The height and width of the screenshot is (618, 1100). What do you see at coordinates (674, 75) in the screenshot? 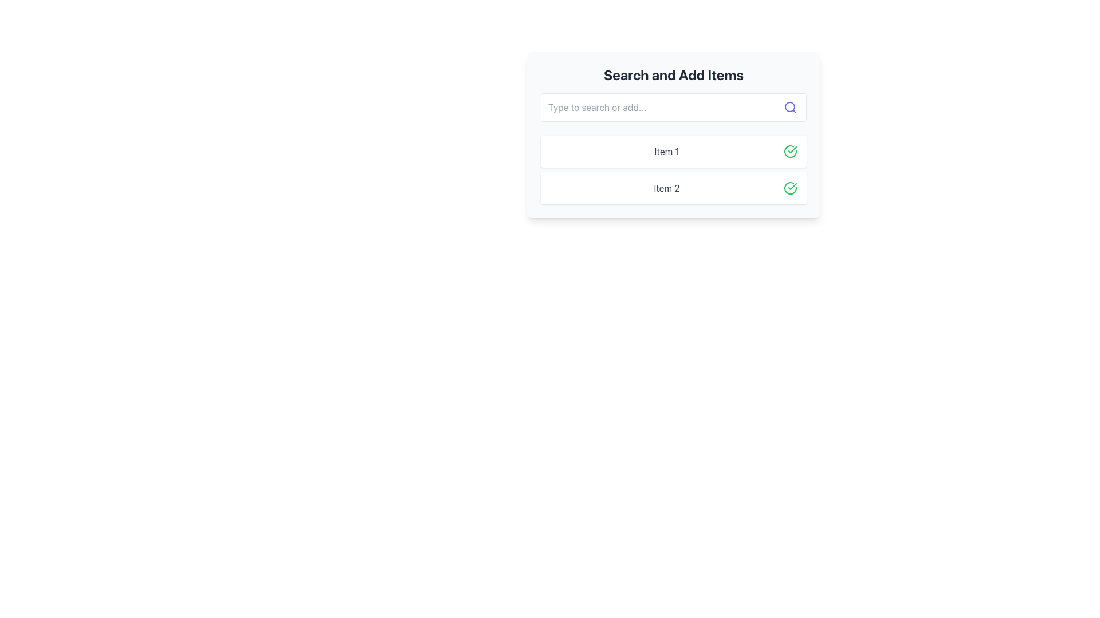
I see `the bold heading with the text 'Search and Add Items', which is prominently displayed at the top of a rectangular card interface` at bounding box center [674, 75].